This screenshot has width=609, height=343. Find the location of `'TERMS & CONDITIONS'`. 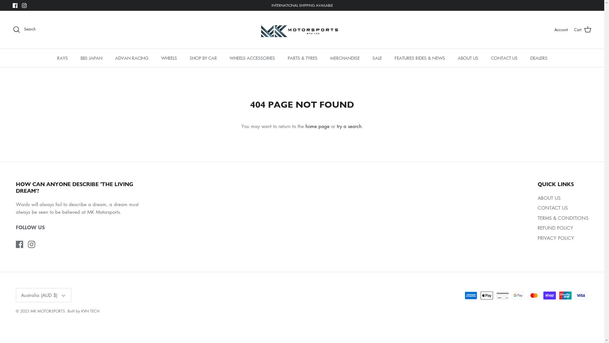

'TERMS & CONDITIONS' is located at coordinates (563, 218).